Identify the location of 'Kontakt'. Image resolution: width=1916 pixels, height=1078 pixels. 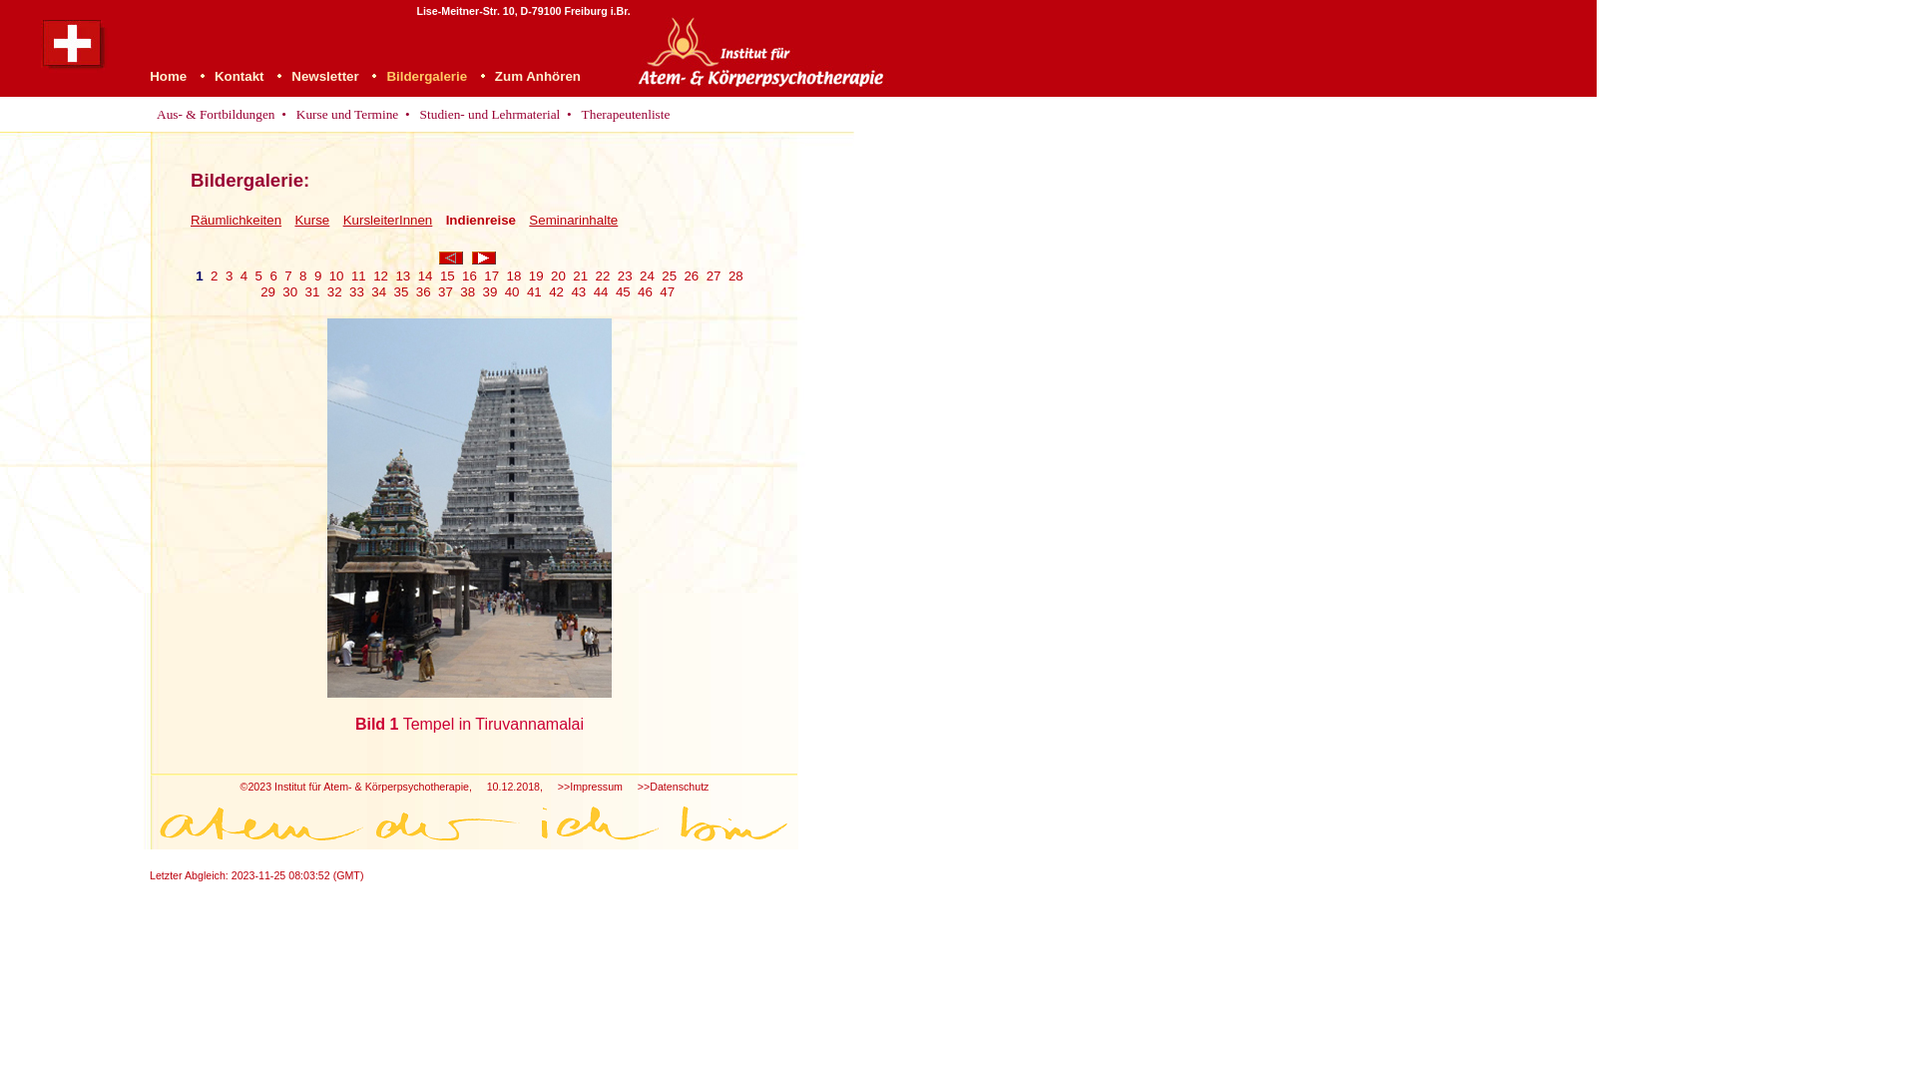
(239, 75).